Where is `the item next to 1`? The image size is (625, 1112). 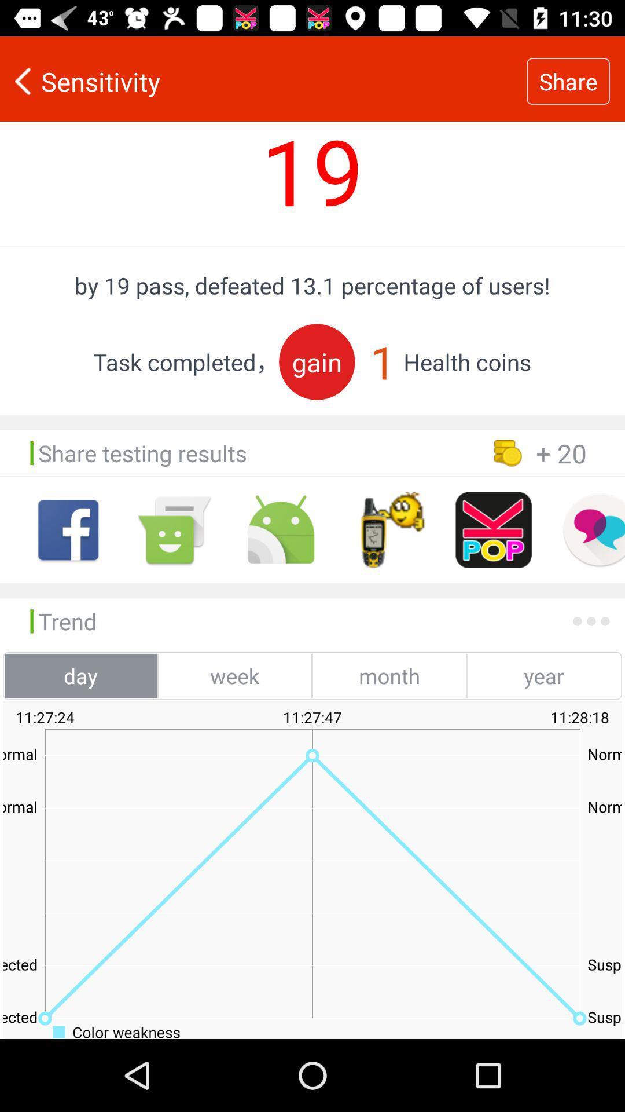
the item next to 1 is located at coordinates (317, 361).